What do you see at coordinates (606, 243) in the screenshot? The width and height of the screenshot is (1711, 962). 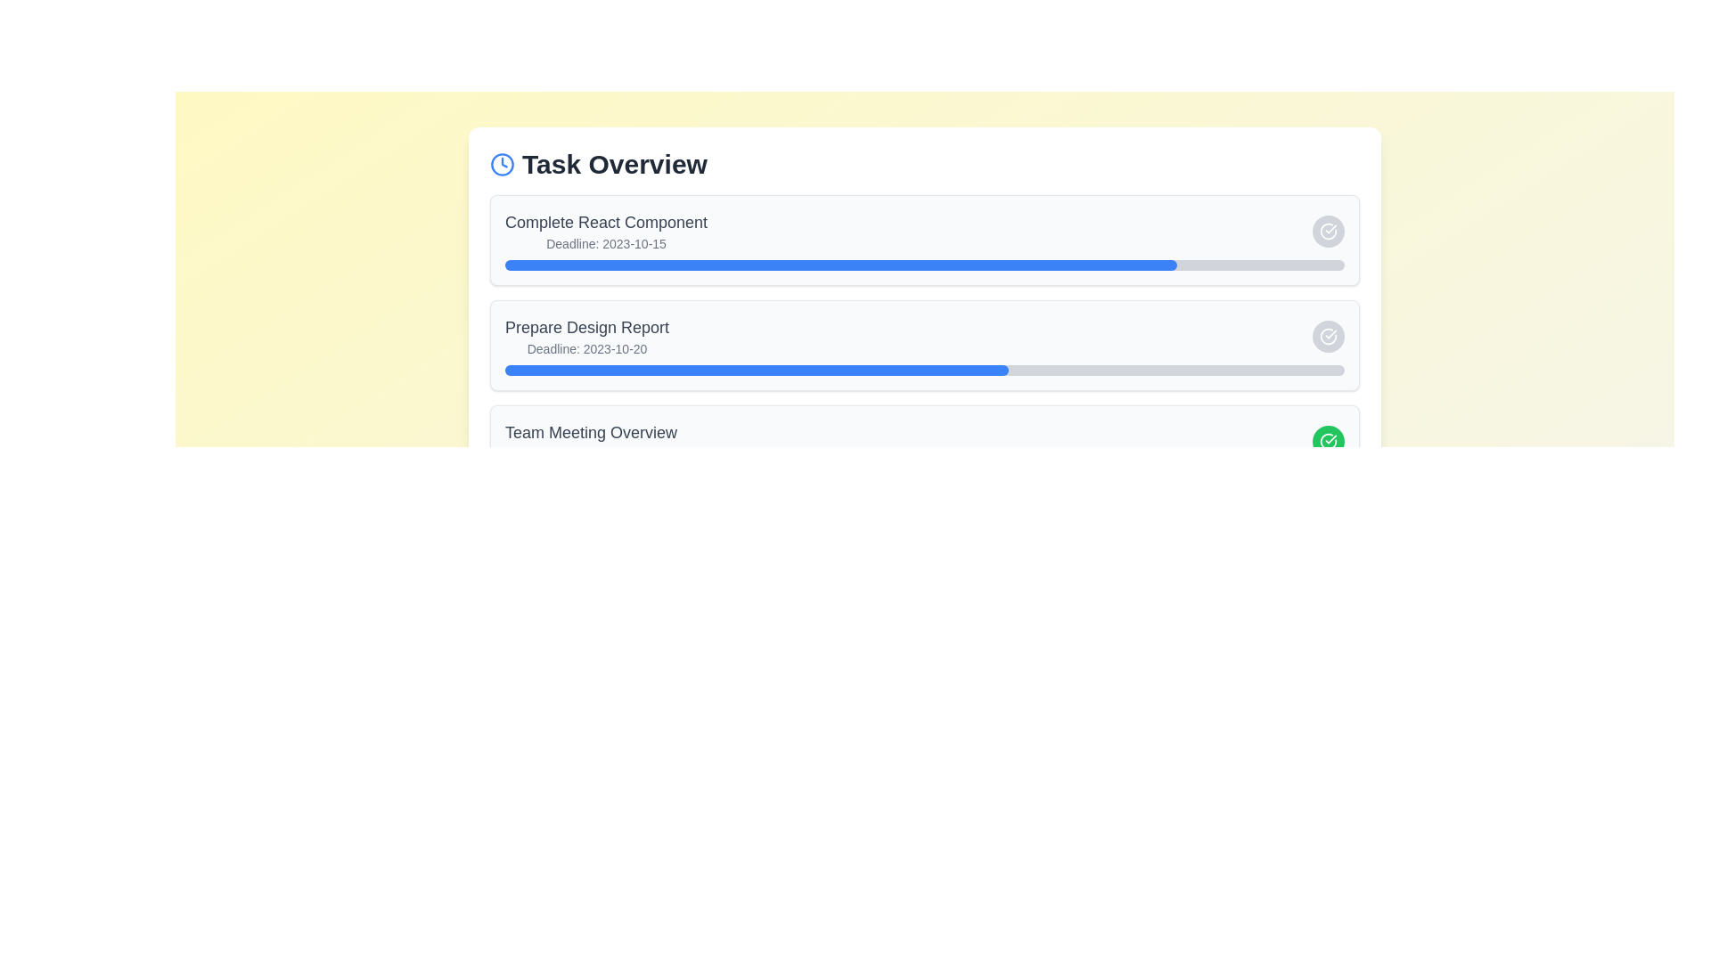 I see `deadline information displayed in the text label that shows 'Deadline: 2023-10-15', which is located beneath the 'Complete React Component' title` at bounding box center [606, 243].